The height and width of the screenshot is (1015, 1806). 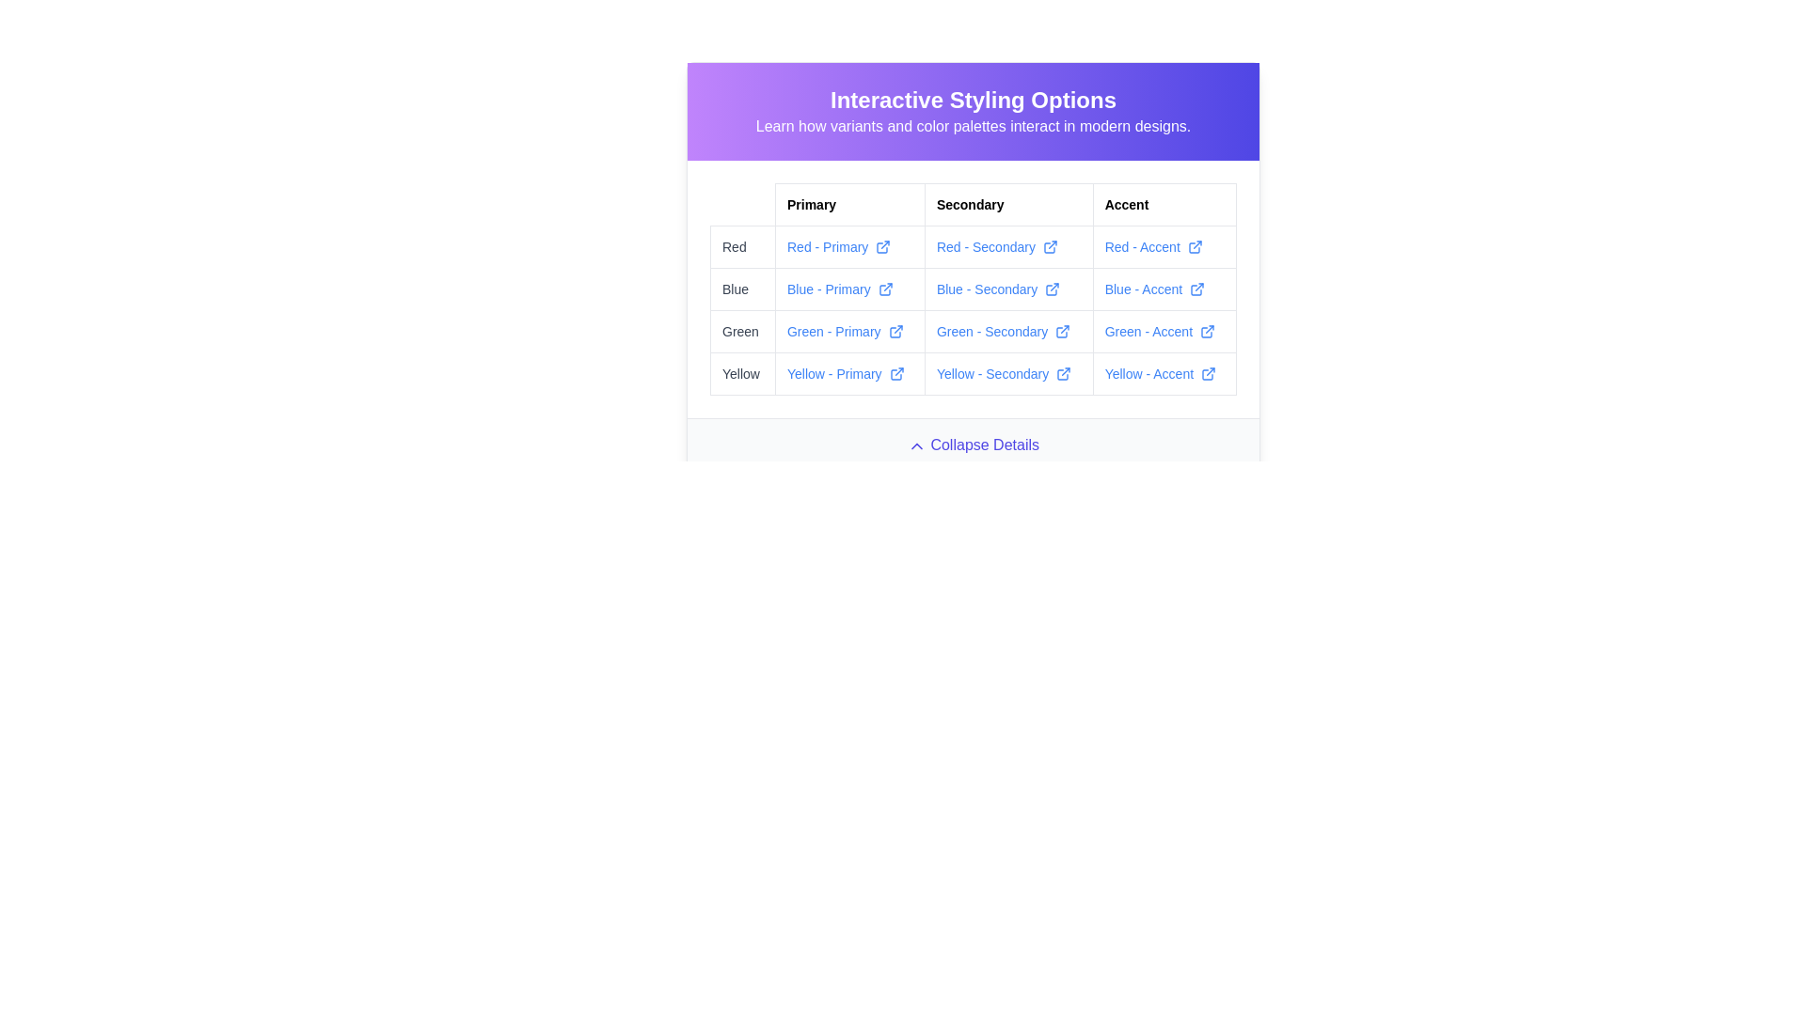 I want to click on the external link indicator icon located at the right end of the 'Yellow - Accent' link in the fourth row and third column of the table, so click(x=1209, y=373).